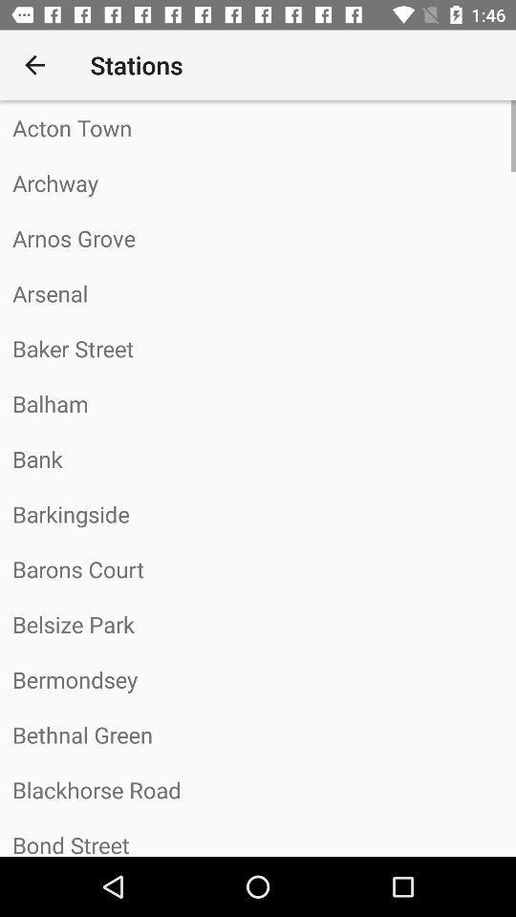  What do you see at coordinates (258, 237) in the screenshot?
I see `the arnos grove` at bounding box center [258, 237].